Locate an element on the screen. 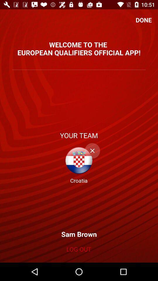 The height and width of the screenshot is (281, 158). button is located at coordinates (92, 150).